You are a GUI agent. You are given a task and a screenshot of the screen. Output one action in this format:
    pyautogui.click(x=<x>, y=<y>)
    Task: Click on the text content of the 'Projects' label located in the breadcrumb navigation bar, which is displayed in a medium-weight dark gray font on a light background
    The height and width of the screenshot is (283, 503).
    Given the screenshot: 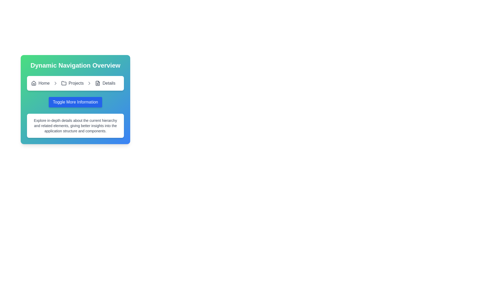 What is the action you would take?
    pyautogui.click(x=76, y=83)
    